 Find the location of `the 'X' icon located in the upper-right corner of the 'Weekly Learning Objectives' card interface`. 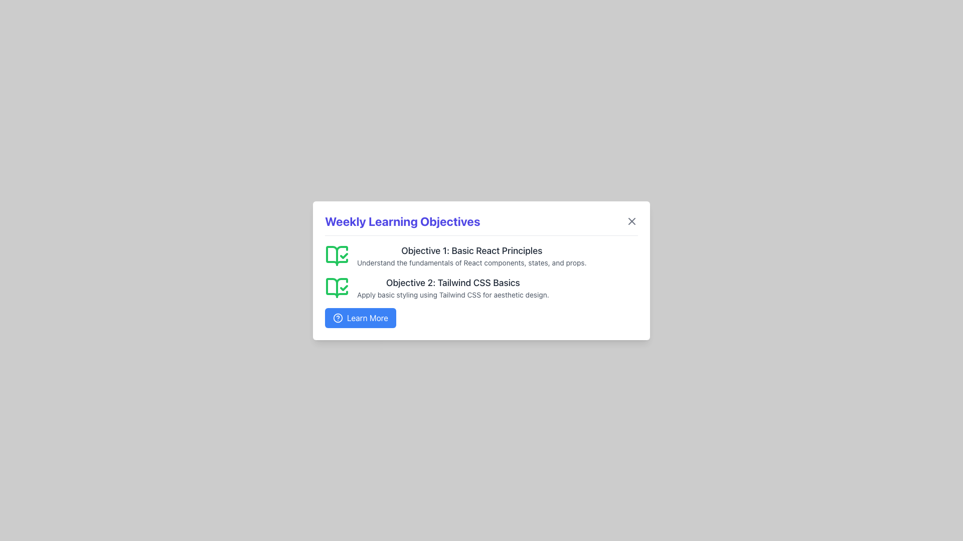

the 'X' icon located in the upper-right corner of the 'Weekly Learning Objectives' card interface is located at coordinates (631, 220).